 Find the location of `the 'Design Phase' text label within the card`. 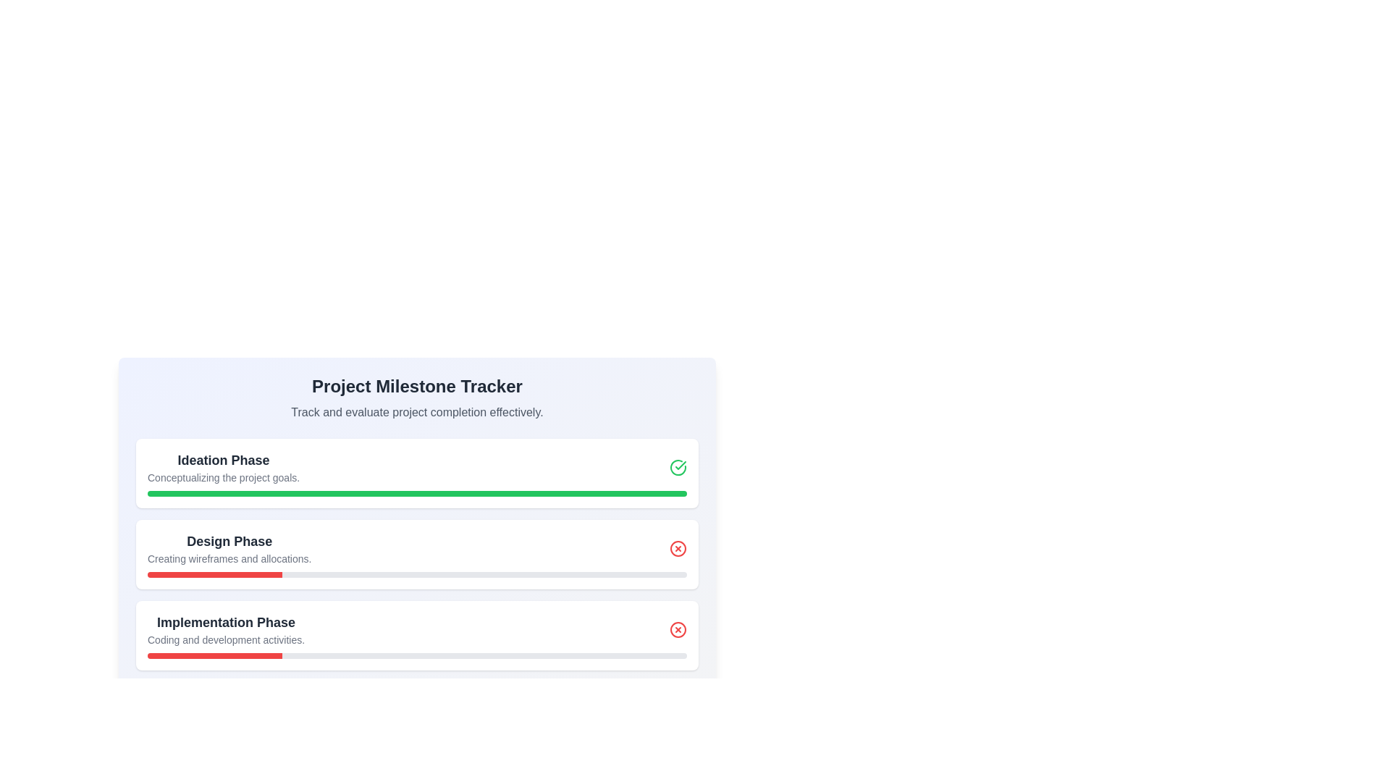

the 'Design Phase' text label within the card is located at coordinates (229, 549).